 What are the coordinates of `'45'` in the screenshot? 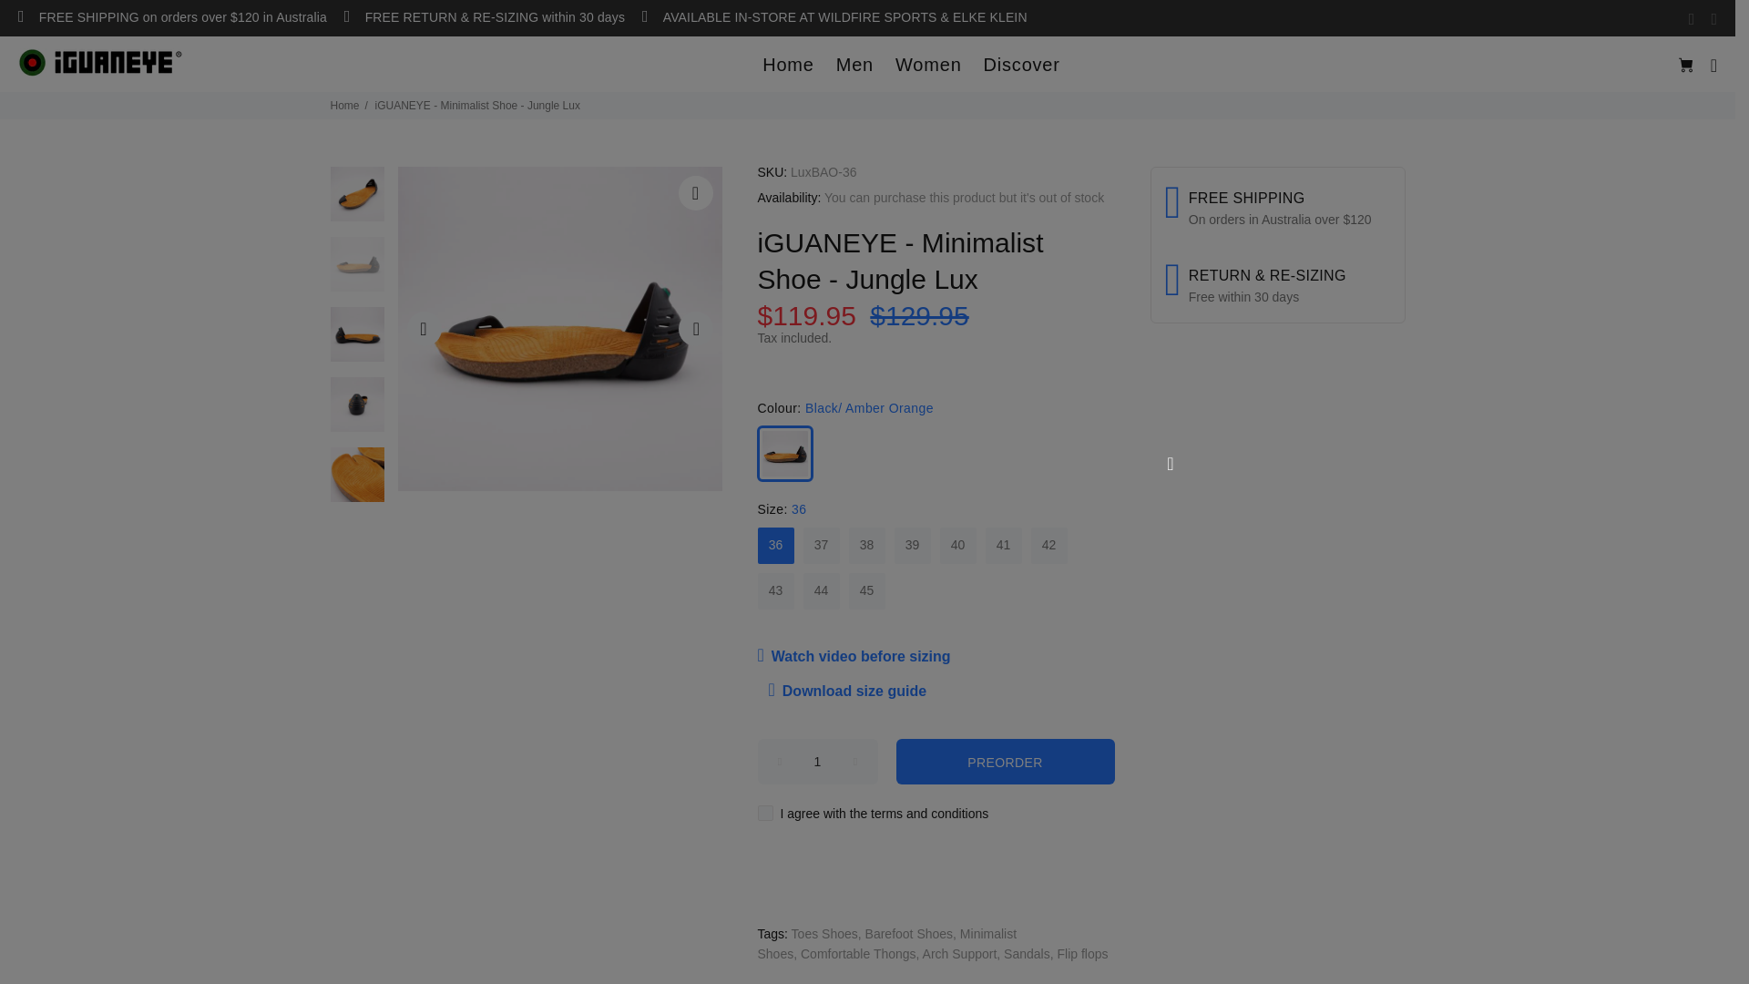 It's located at (865, 590).